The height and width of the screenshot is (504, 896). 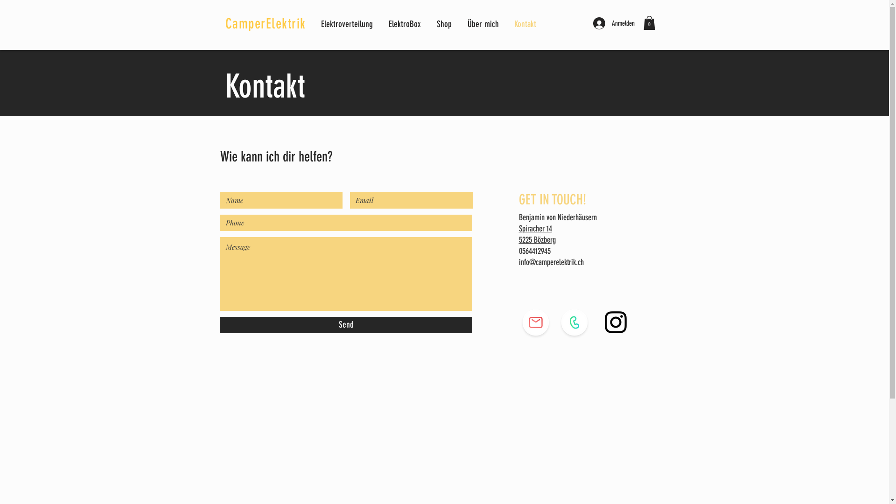 What do you see at coordinates (648, 22) in the screenshot?
I see `'0'` at bounding box center [648, 22].